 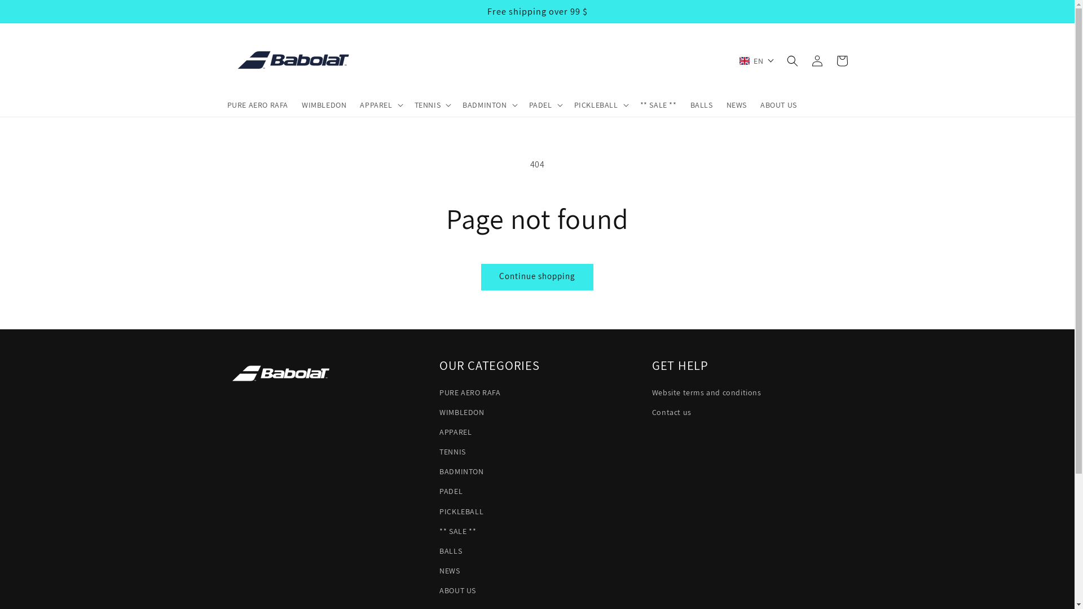 What do you see at coordinates (482, 277) in the screenshot?
I see `'Continue shopping'` at bounding box center [482, 277].